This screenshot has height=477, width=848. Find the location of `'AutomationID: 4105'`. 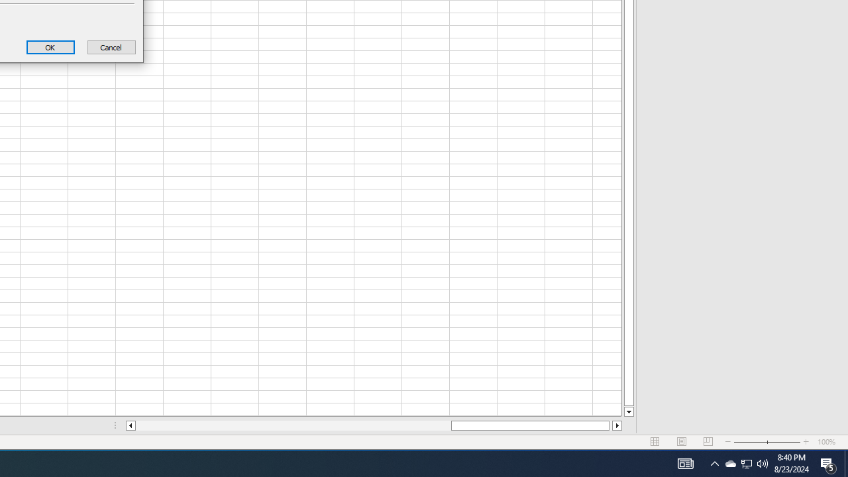

'AutomationID: 4105' is located at coordinates (714, 462).